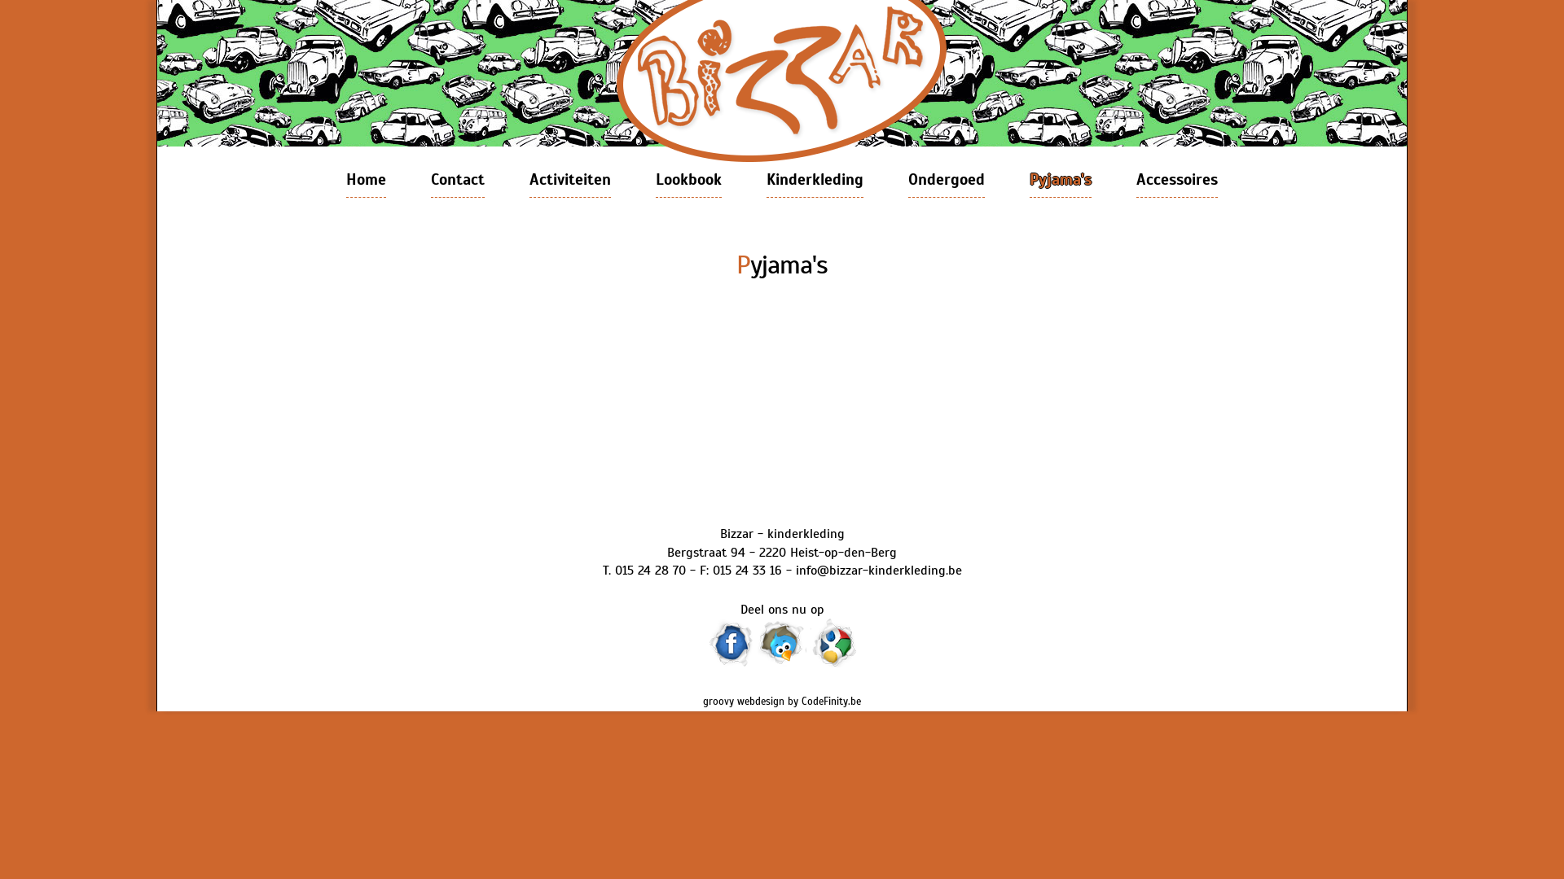 Image resolution: width=1564 pixels, height=879 pixels. Describe the element at coordinates (656, 180) in the screenshot. I see `'Lookbook'` at that location.